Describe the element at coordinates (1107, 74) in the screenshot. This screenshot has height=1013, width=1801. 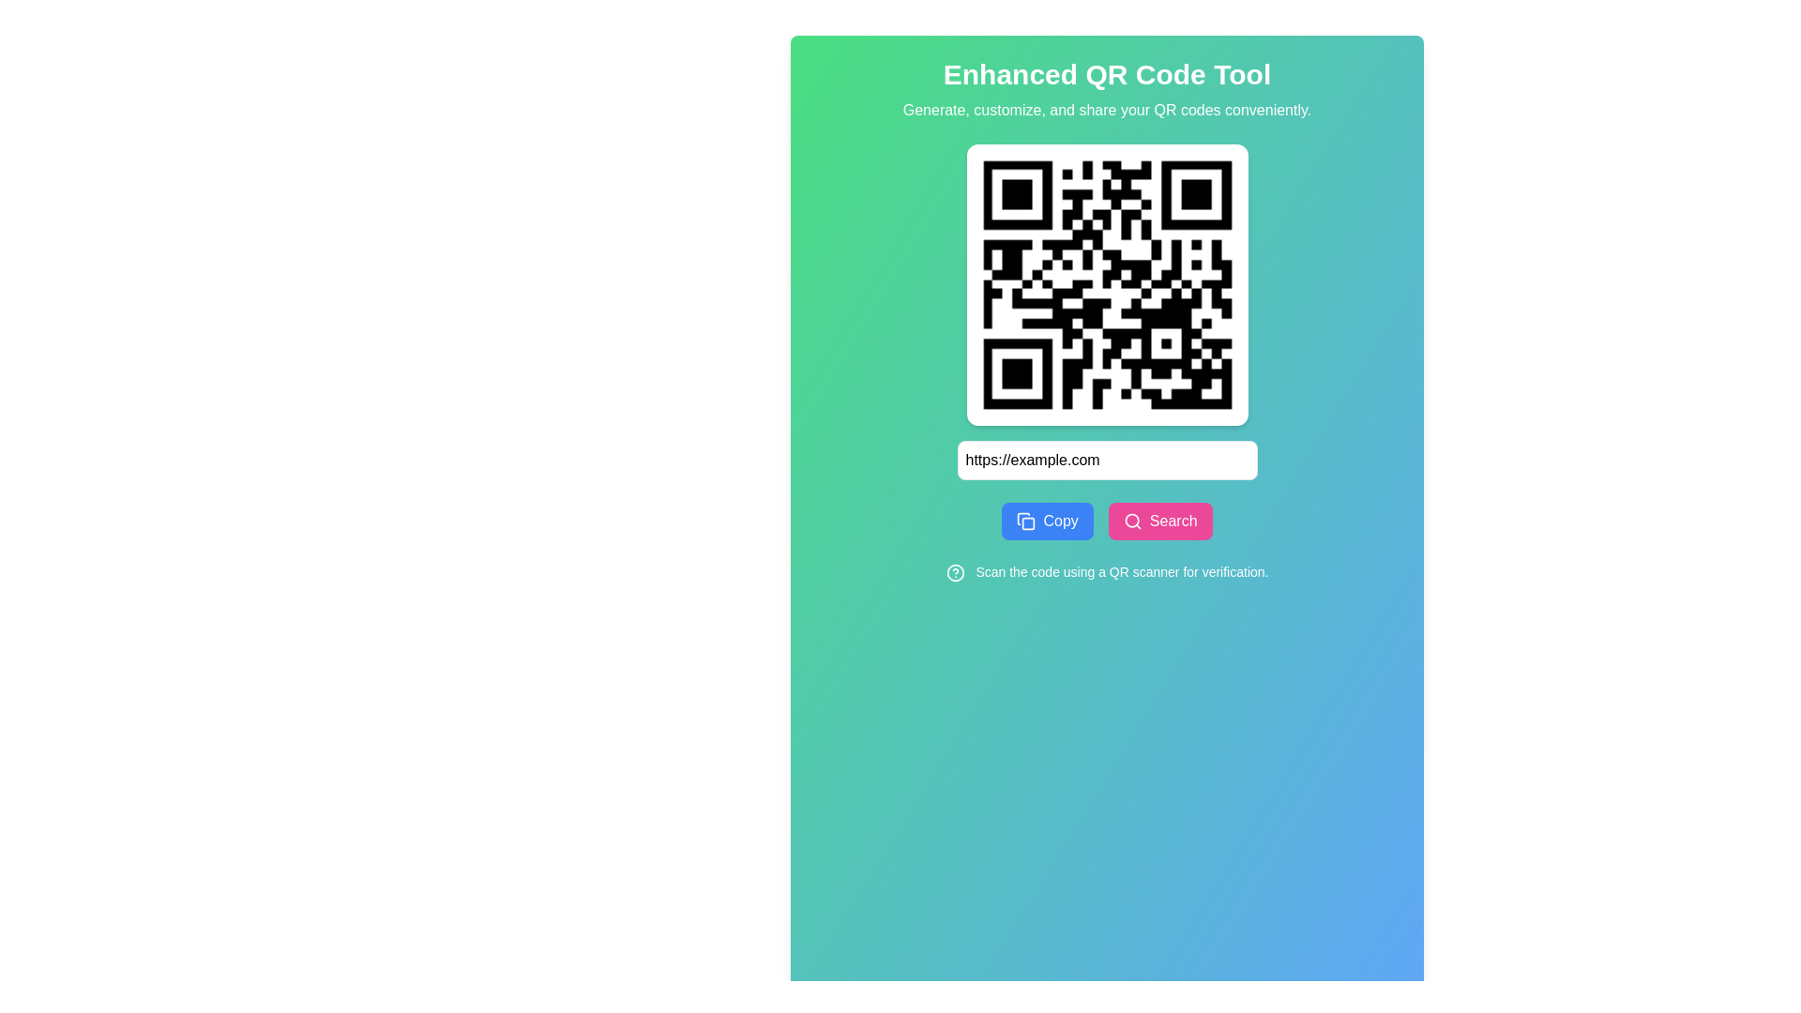
I see `the header text 'Enhanced QR Code Tool', which is a bold, large white font centered at the top of its section, above the subtitle and QR code generation interface` at that location.